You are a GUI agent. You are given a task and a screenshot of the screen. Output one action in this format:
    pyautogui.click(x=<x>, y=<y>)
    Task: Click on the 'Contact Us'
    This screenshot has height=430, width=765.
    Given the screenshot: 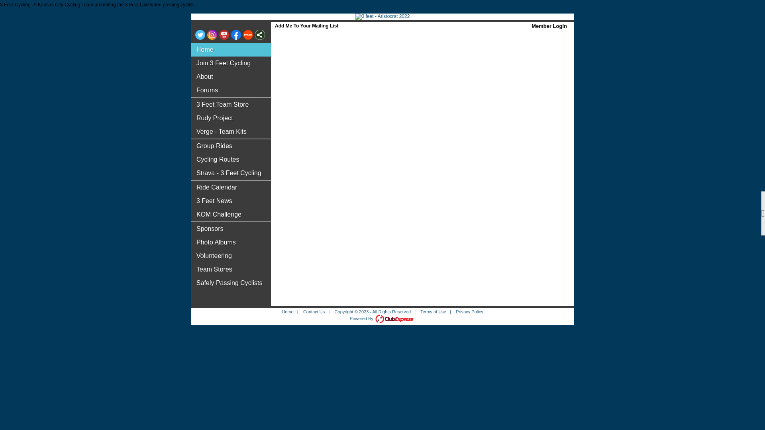 What is the action you would take?
    pyautogui.click(x=313, y=311)
    